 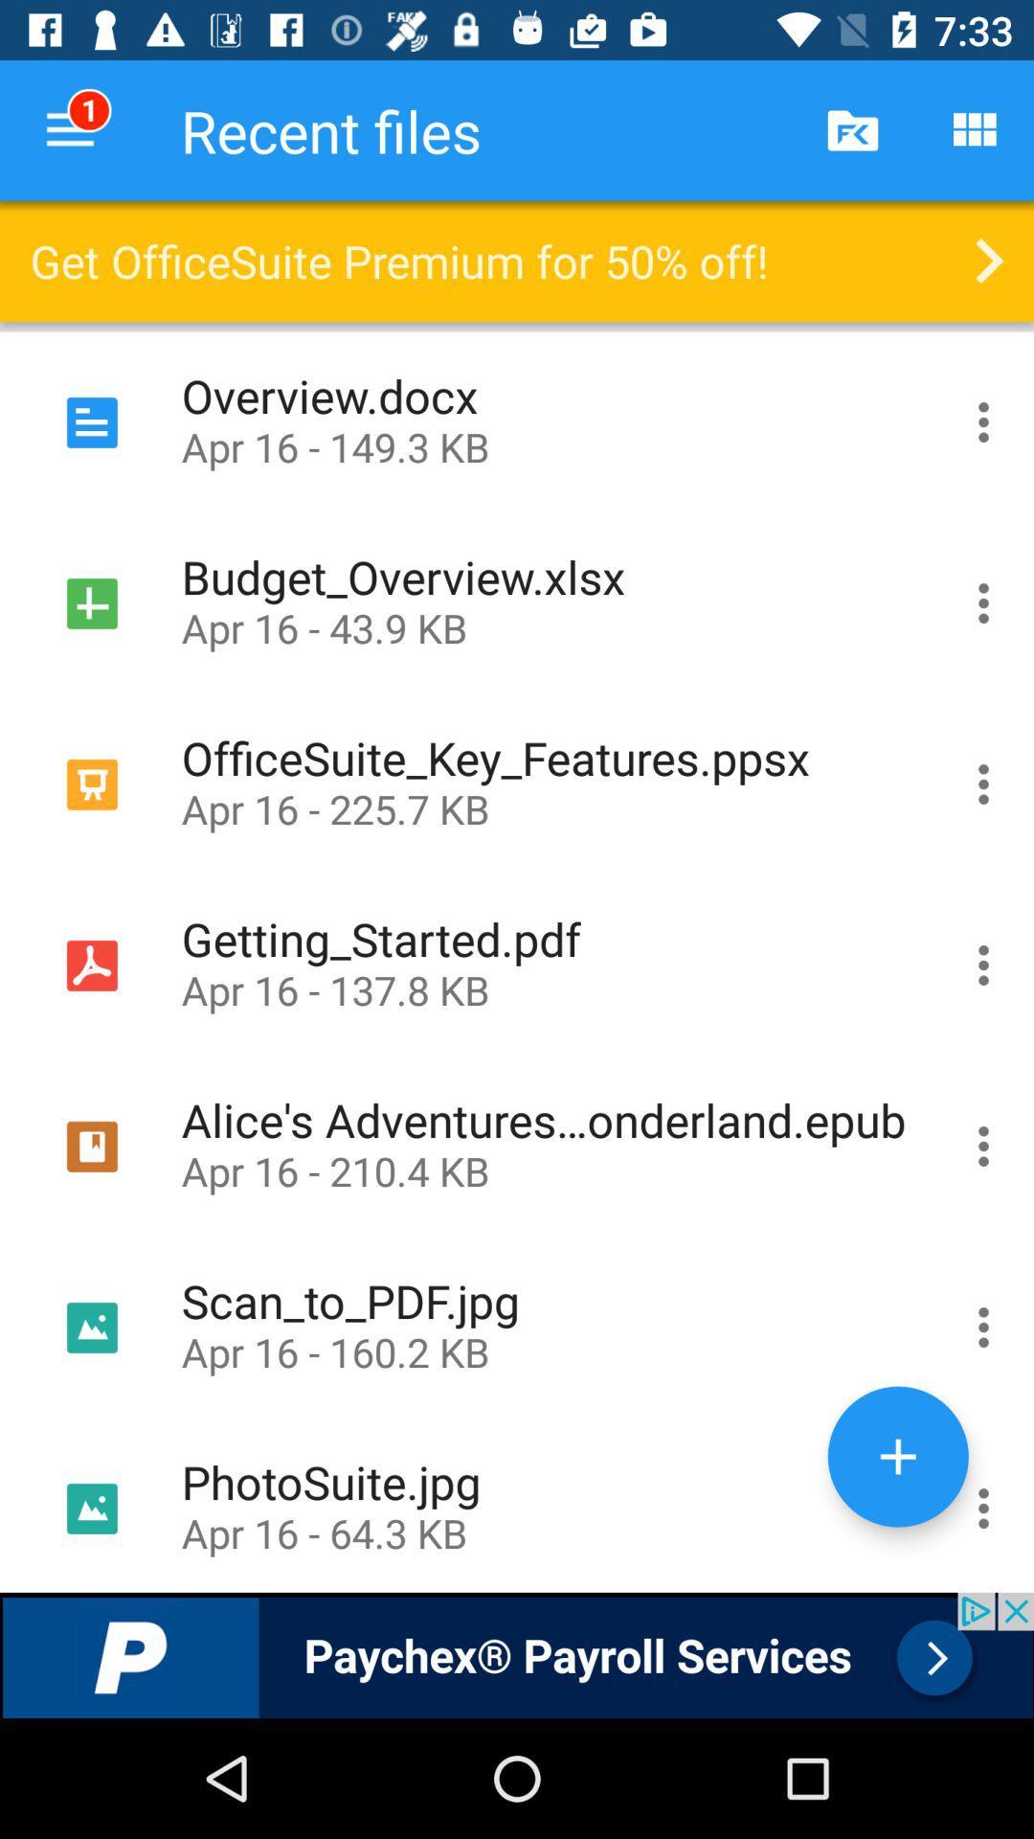 What do you see at coordinates (517, 1654) in the screenshot?
I see `open advertisement` at bounding box center [517, 1654].